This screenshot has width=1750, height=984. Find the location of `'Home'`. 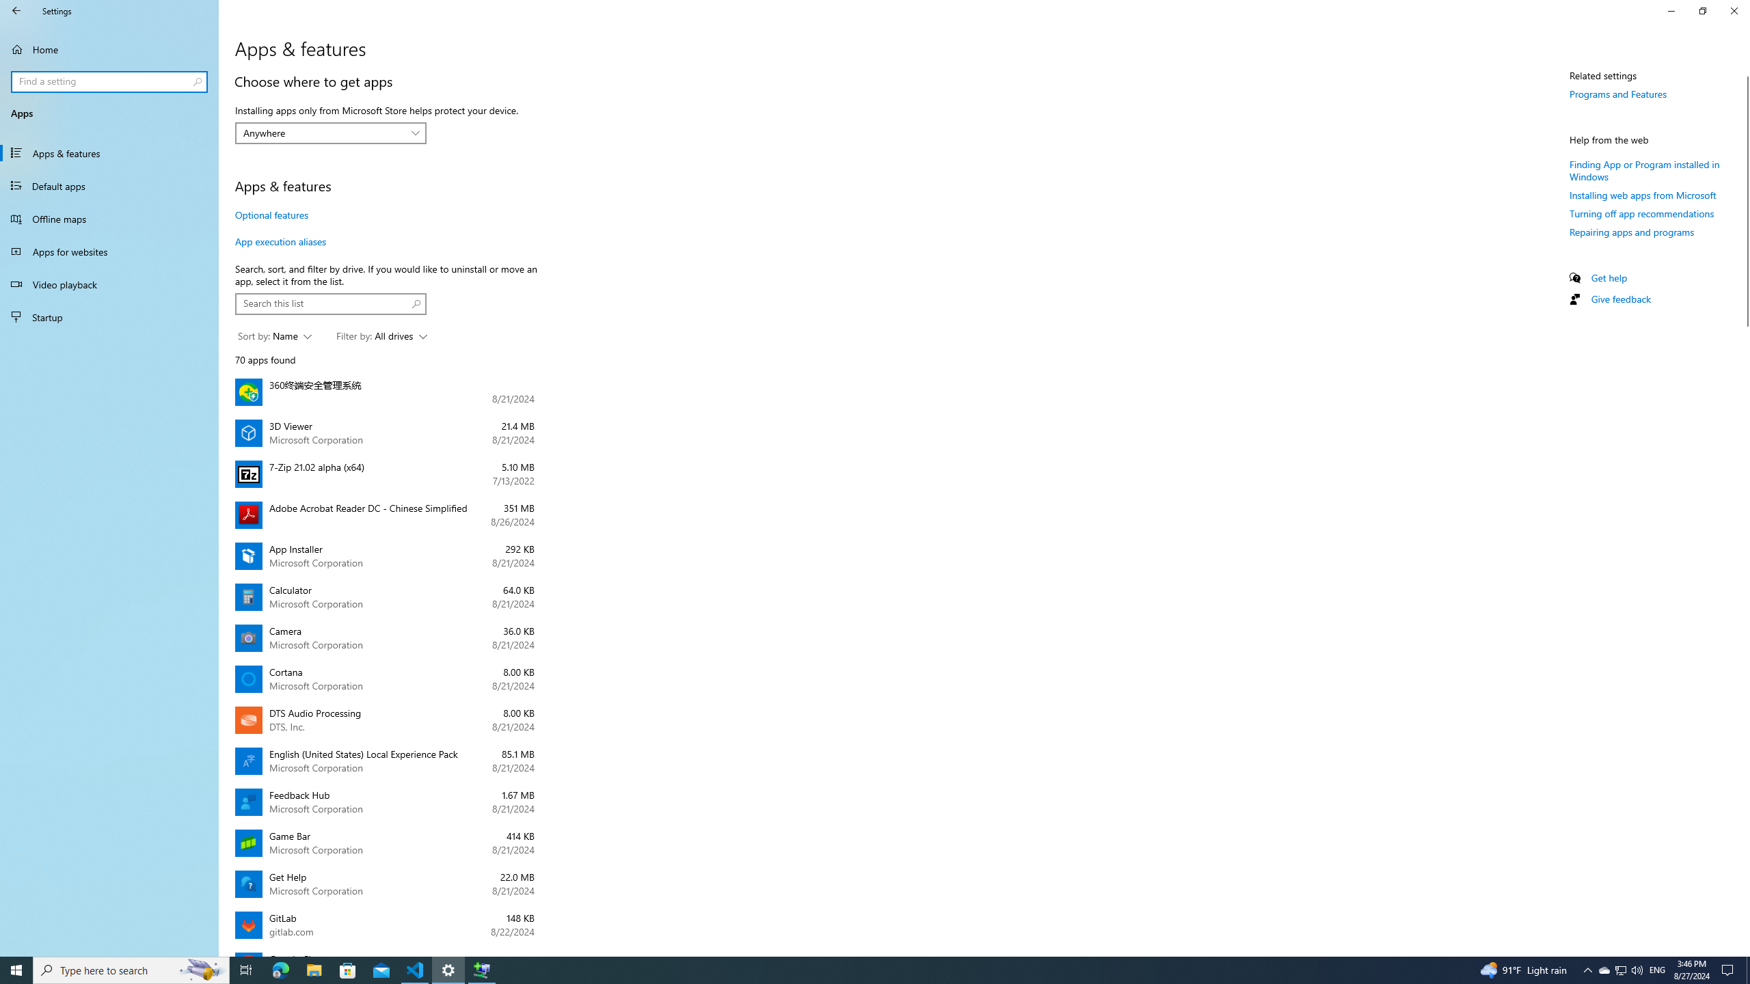

'Home' is located at coordinates (109, 49).